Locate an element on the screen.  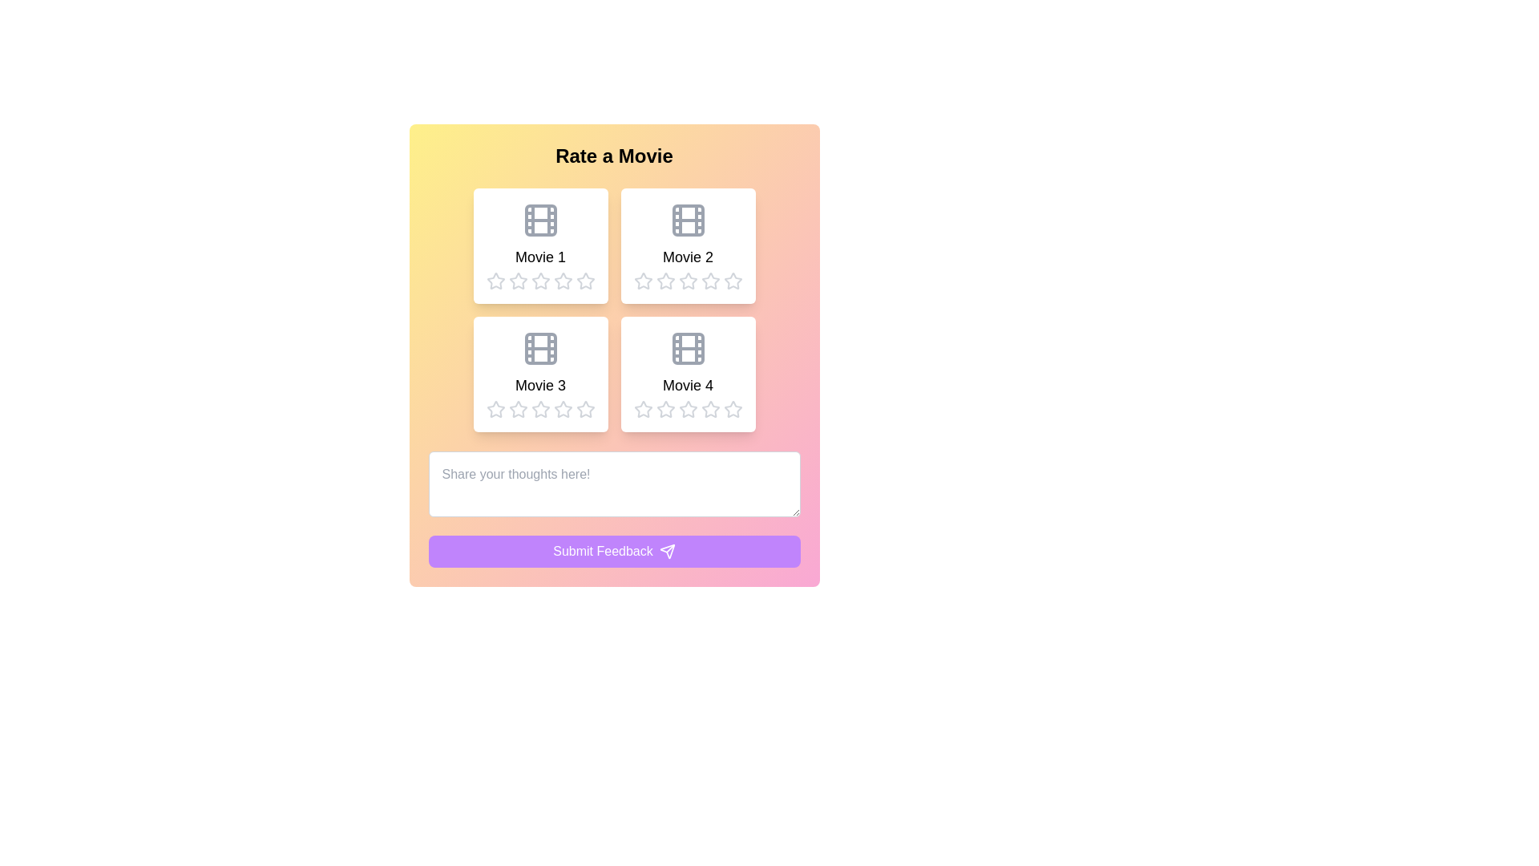
the rectangular box with rounded corners located at the center of the filmstrip icon inside the second movie card labeled 'Movie 2' in the grid below 'Rate a Movie' is located at coordinates (688, 220).